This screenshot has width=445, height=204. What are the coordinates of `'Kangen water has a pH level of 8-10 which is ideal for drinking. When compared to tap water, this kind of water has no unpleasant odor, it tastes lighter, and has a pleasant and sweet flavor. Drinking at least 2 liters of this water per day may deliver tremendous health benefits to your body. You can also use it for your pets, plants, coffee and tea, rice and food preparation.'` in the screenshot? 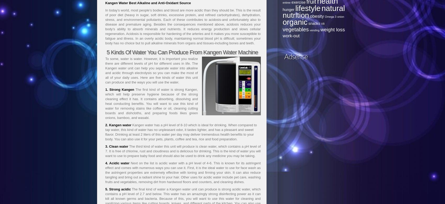 It's located at (105, 132).